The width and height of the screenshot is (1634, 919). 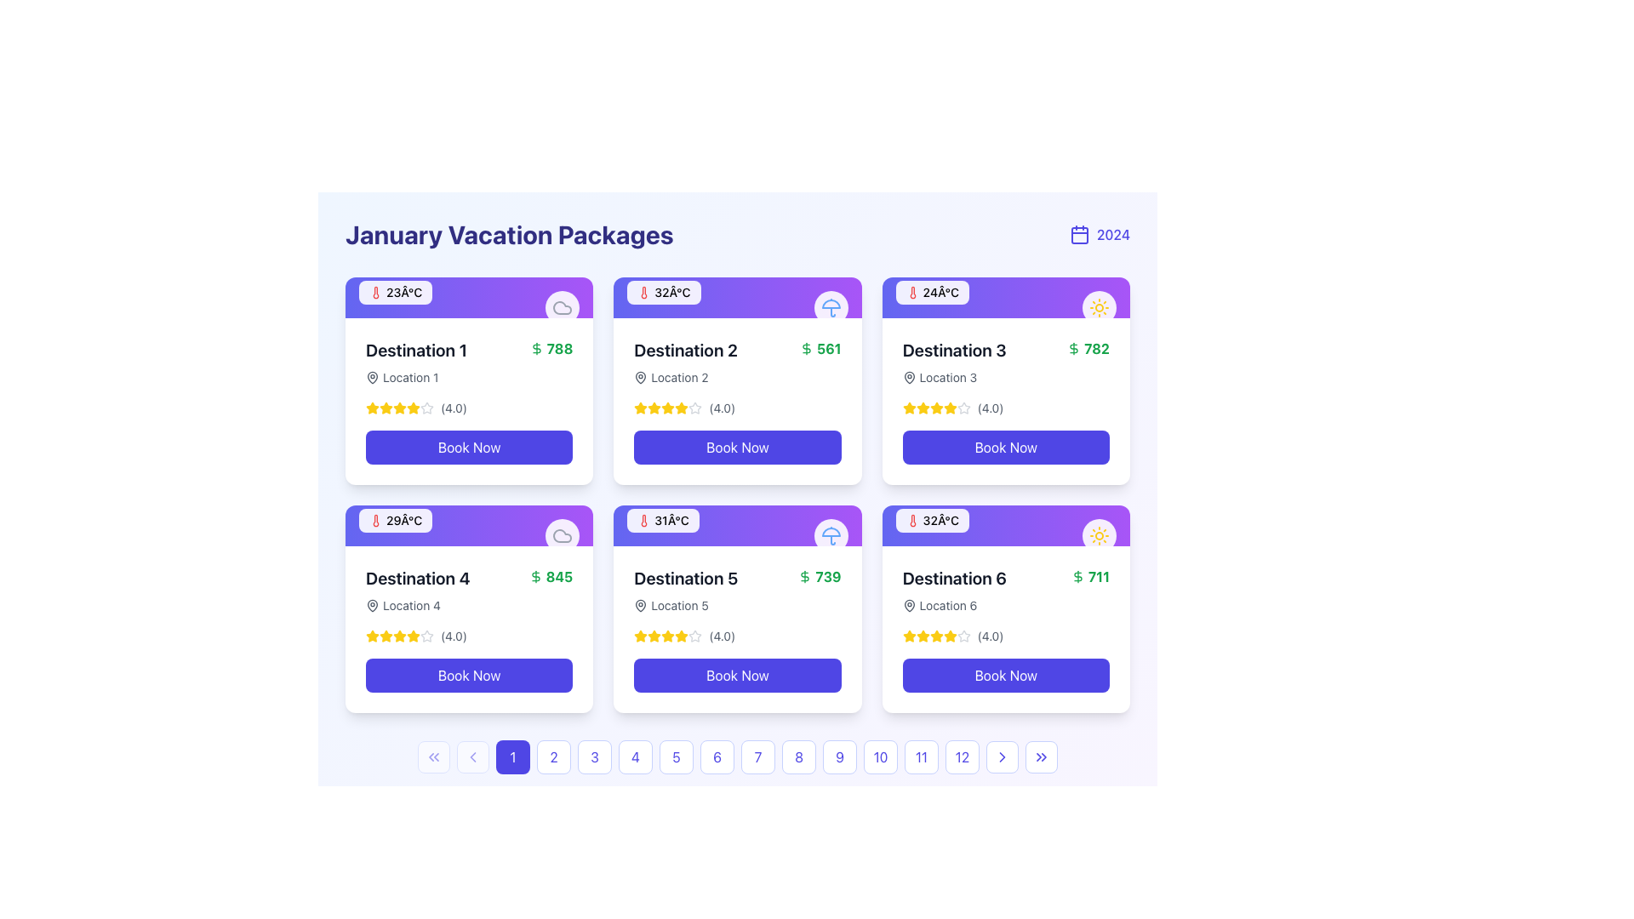 What do you see at coordinates (820, 347) in the screenshot?
I see `currency value displayed in bold green text in the second card of the grid layout, located under the temperature icon and above the 'Book Now' button` at bounding box center [820, 347].